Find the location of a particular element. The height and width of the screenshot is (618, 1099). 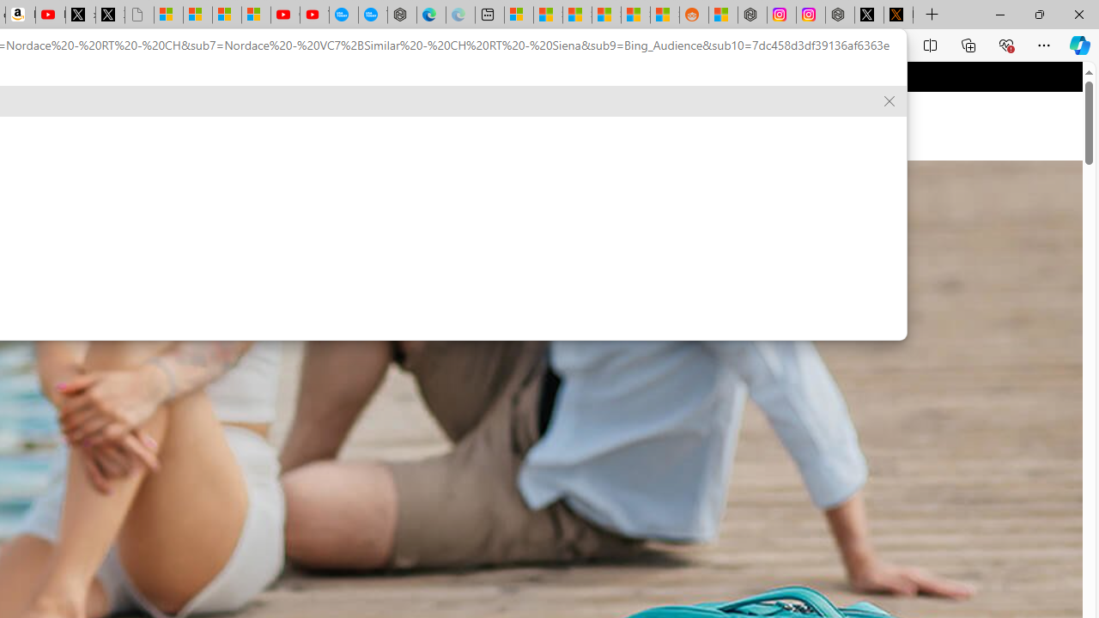

'Day 1: Arriving in Yemen (surreal to be here) - YouTube' is located at coordinates (50, 15).